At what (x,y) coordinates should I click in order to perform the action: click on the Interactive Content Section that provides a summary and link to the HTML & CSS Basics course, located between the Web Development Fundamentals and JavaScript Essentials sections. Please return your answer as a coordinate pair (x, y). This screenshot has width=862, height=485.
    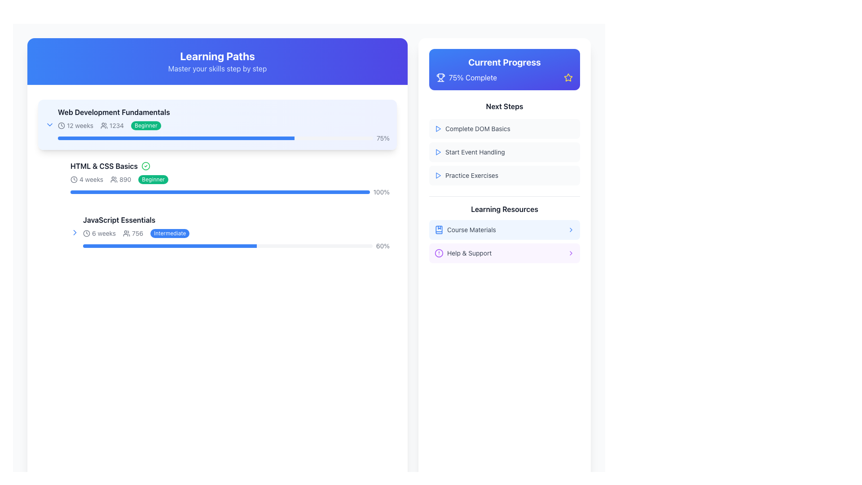
    Looking at the image, I should click on (217, 178).